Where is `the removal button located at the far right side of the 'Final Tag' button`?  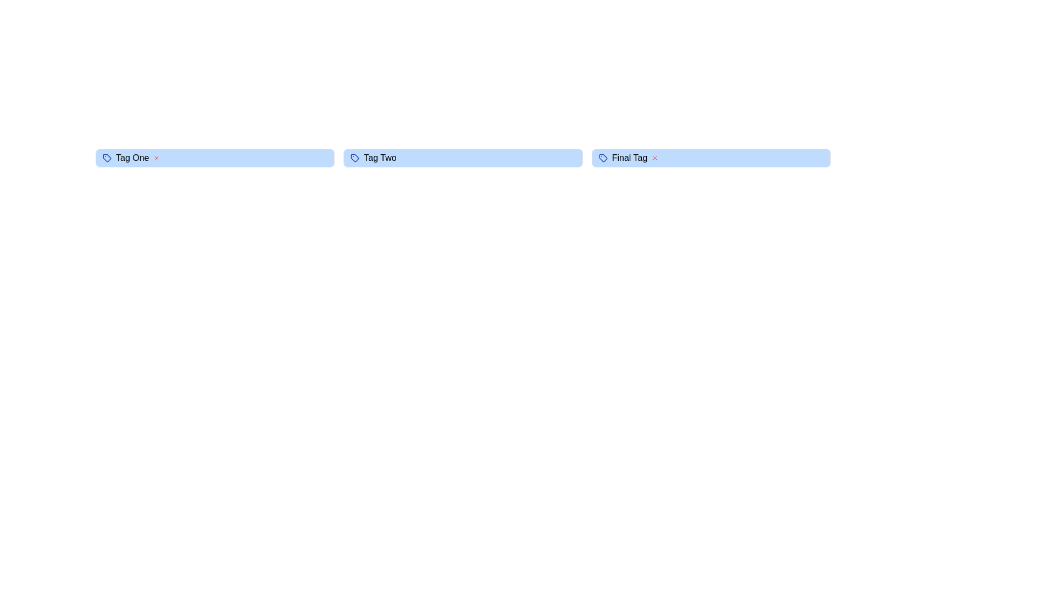
the removal button located at the far right side of the 'Final Tag' button is located at coordinates (655, 158).